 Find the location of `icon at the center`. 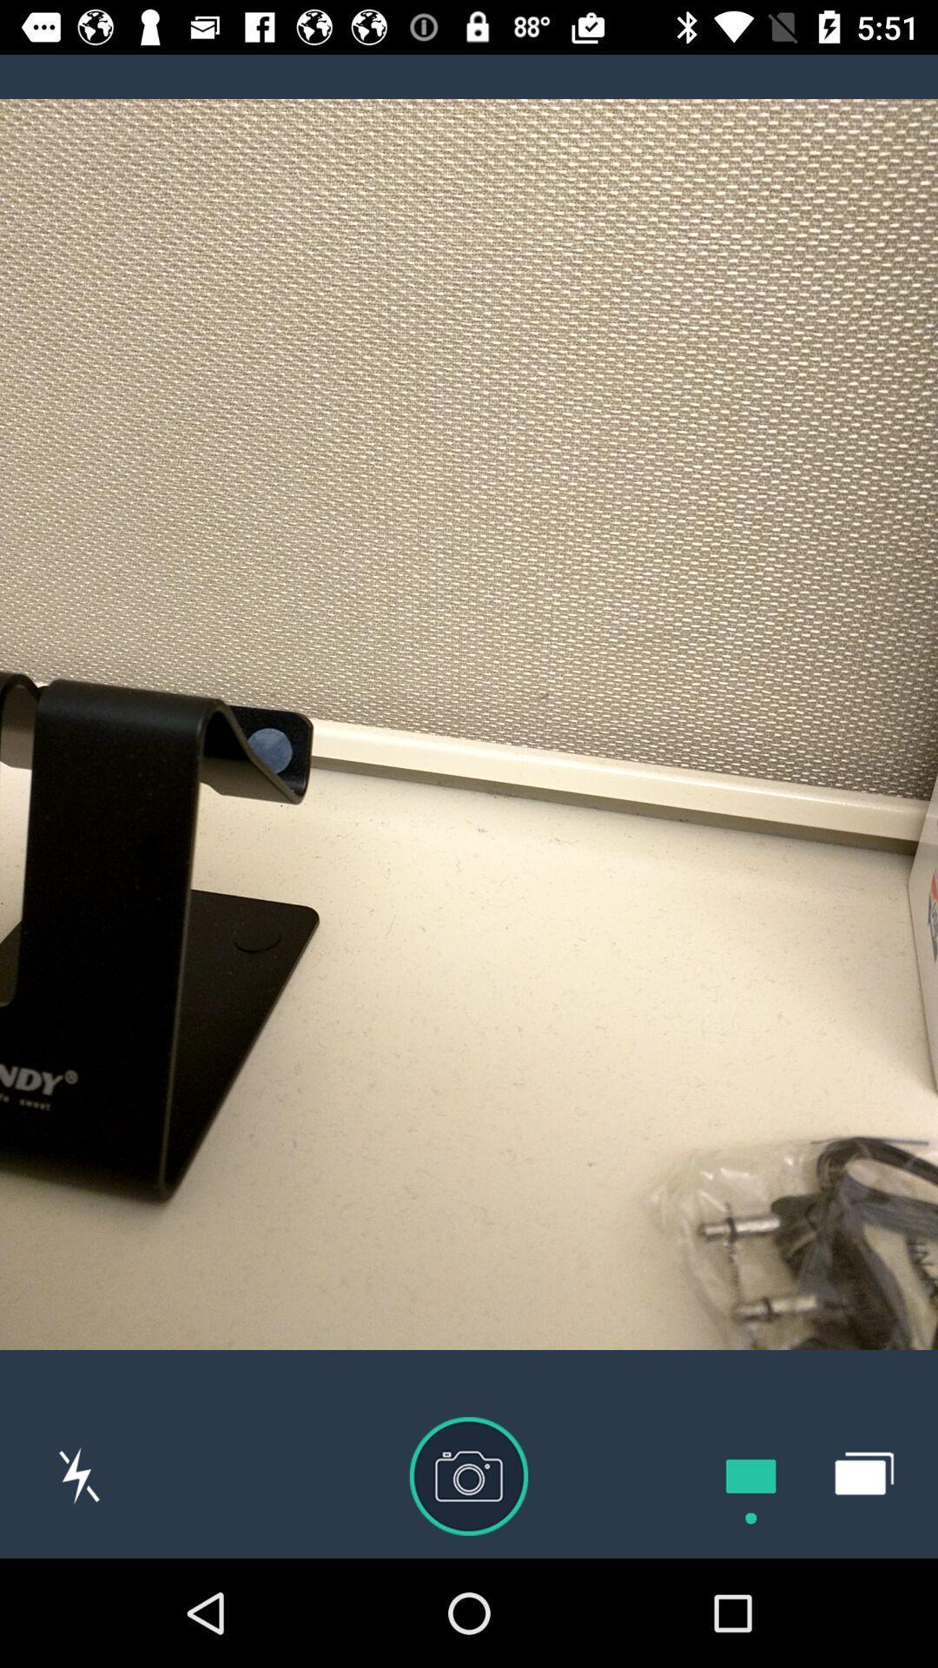

icon at the center is located at coordinates (469, 725).